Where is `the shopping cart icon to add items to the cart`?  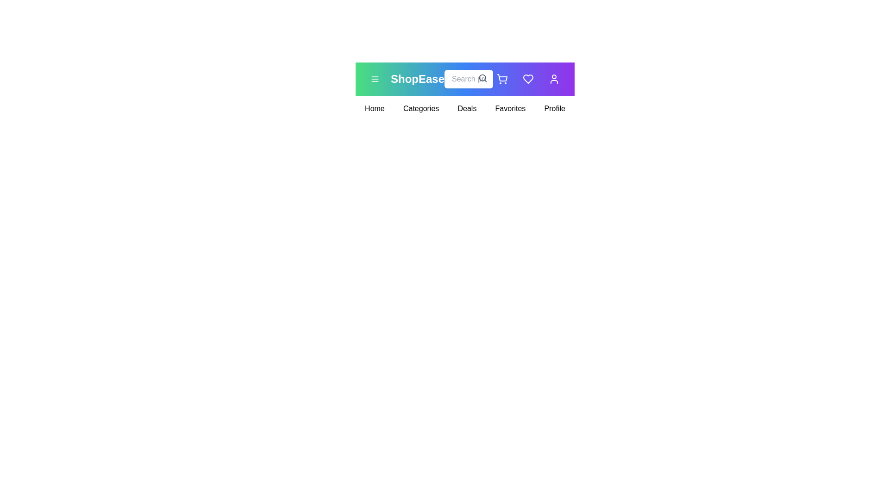 the shopping cart icon to add items to the cart is located at coordinates (501, 78).